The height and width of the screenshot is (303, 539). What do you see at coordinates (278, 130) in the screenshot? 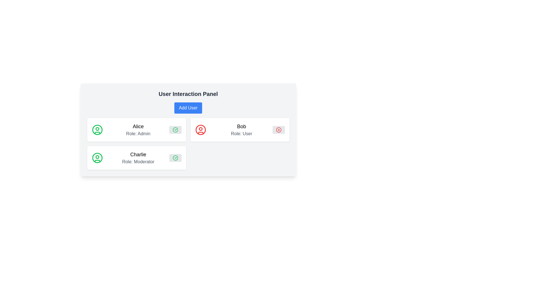
I see `the Circle SVG element that visually forms the 'X' icon for the user panel card associated with 'Bob' located in the top-right area of the user interaction panel` at bounding box center [278, 130].